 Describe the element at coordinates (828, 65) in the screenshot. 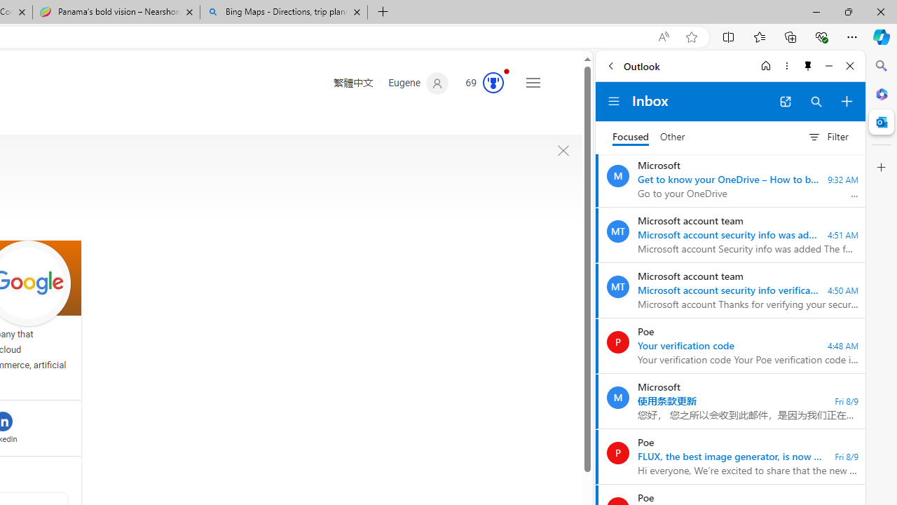

I see `'Minimize'` at that location.